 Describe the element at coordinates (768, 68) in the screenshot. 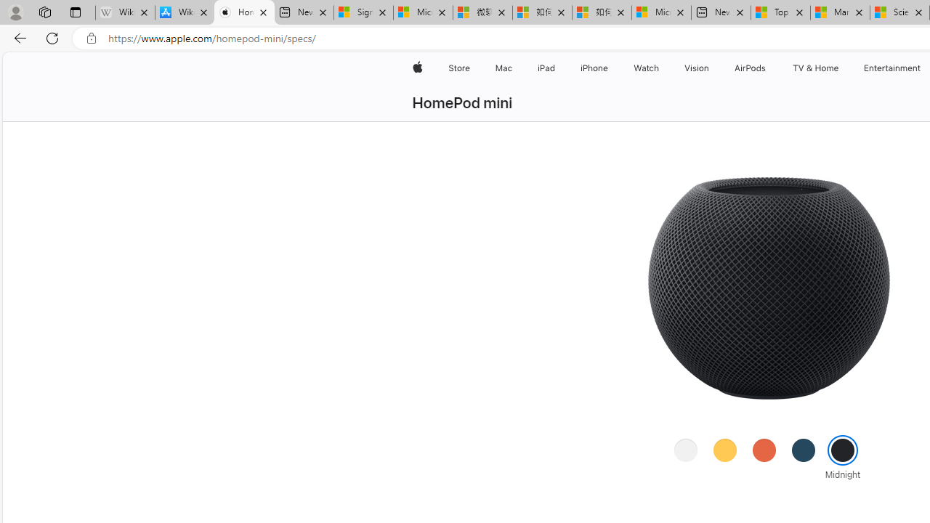

I see `'AirPods menu'` at that location.